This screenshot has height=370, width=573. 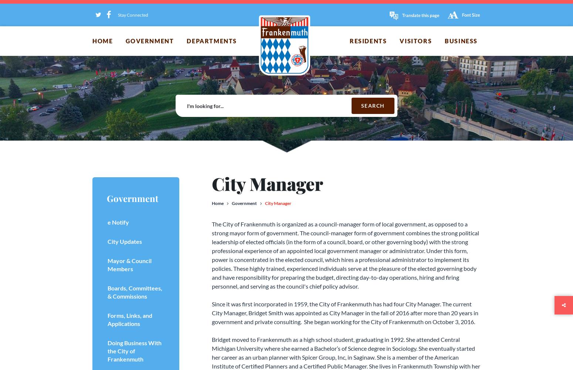 I want to click on 'Boards, Committees, & Commissions', so click(x=107, y=292).